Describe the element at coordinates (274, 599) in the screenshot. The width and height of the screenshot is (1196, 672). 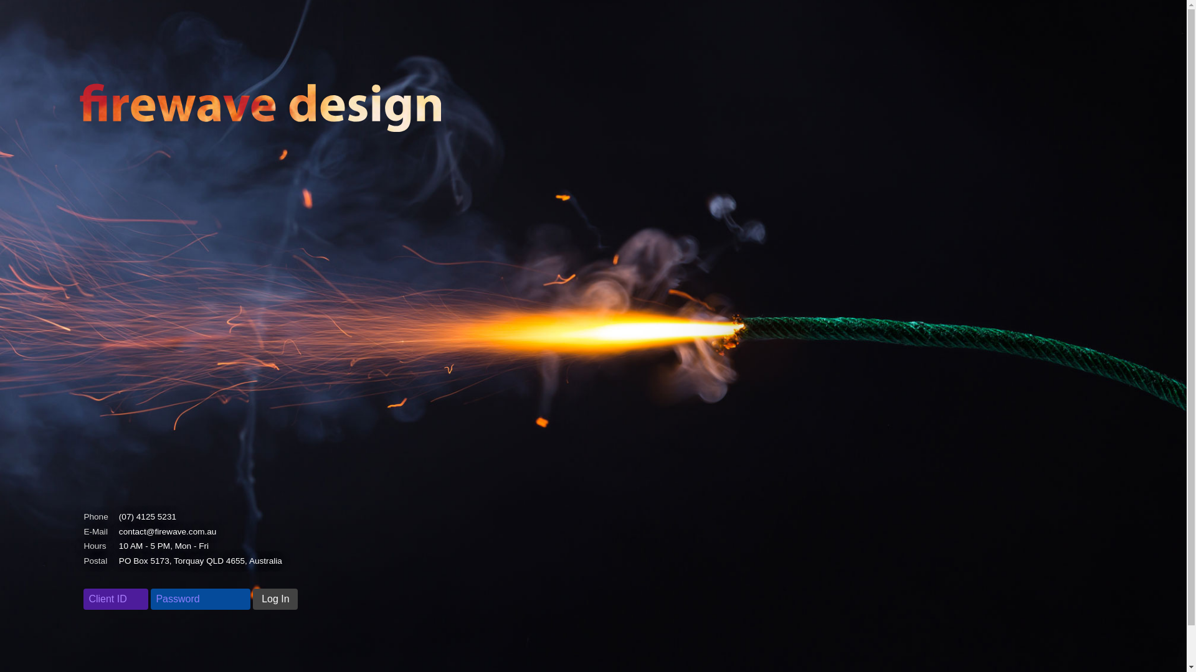
I see `'Log In'` at that location.